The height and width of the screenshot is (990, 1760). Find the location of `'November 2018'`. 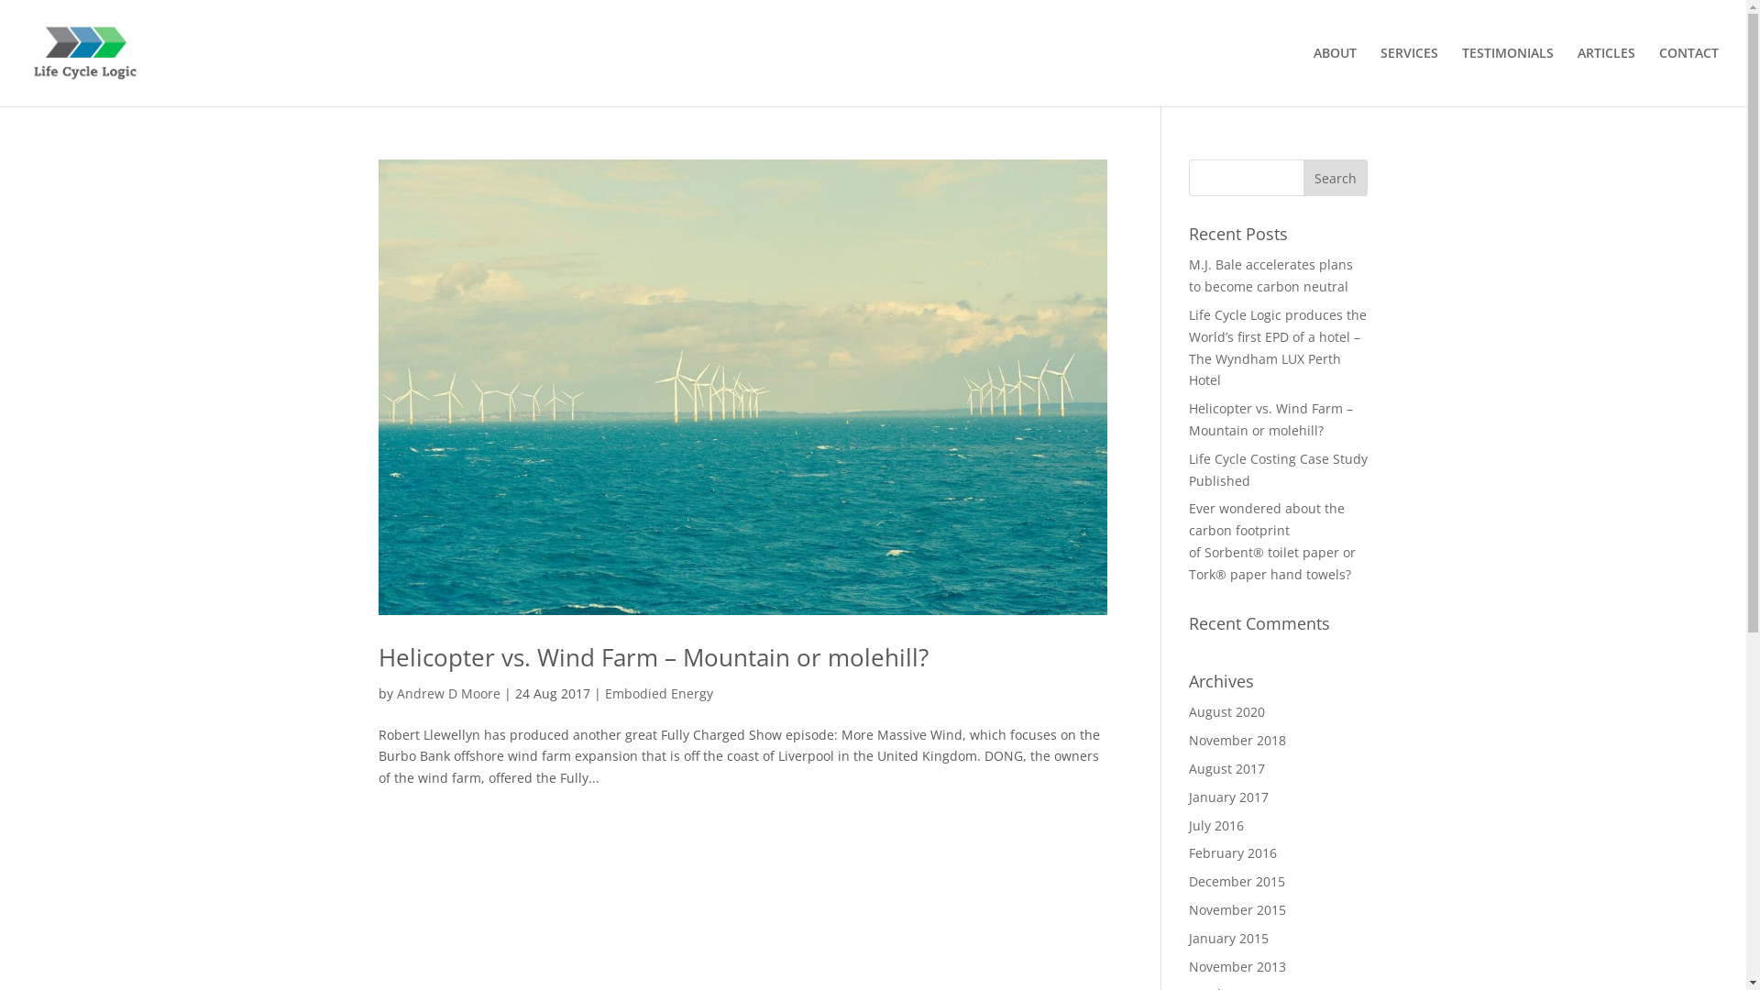

'November 2018' is located at coordinates (1188, 739).